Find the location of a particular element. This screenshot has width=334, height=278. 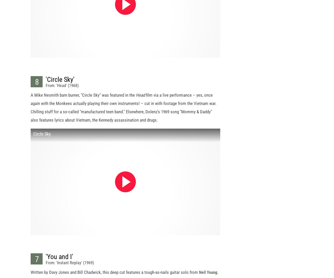

''Circle Sky'' is located at coordinates (60, 84).